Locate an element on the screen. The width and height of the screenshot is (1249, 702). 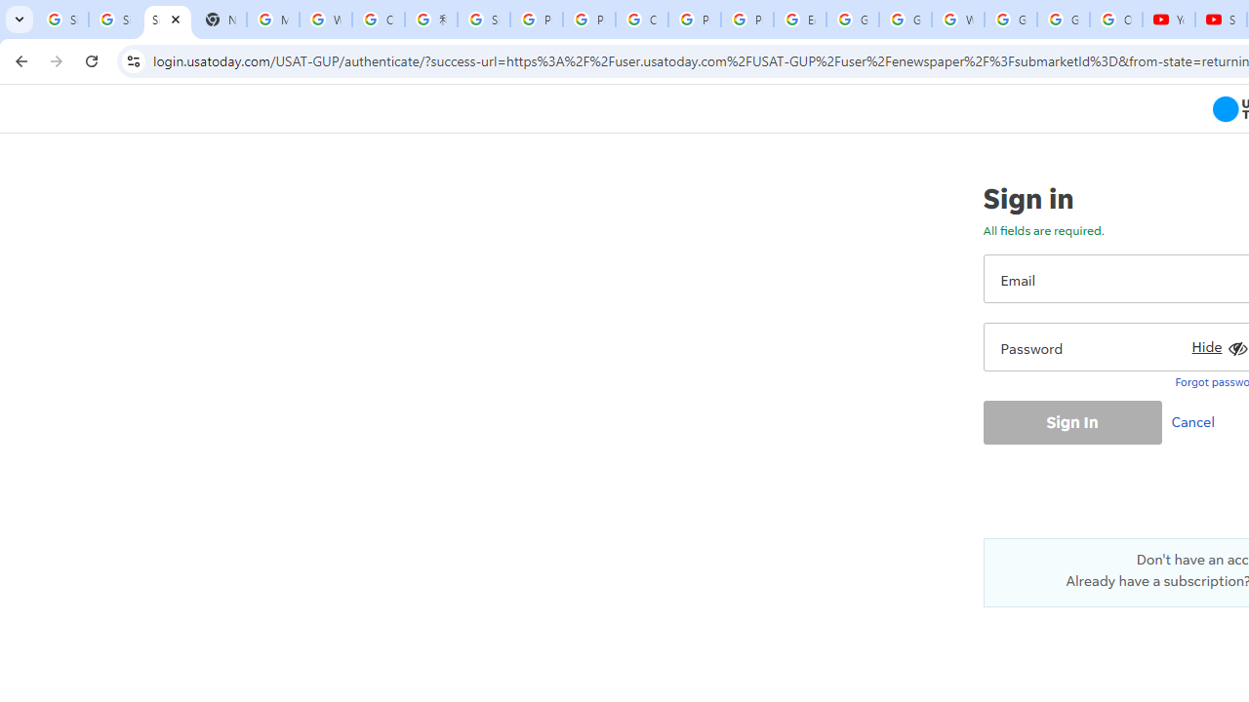
'Sign in - Google Accounts' is located at coordinates (62, 19).